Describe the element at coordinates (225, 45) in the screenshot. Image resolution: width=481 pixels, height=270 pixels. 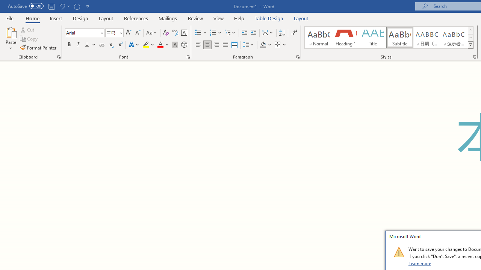
I see `'Justify'` at that location.